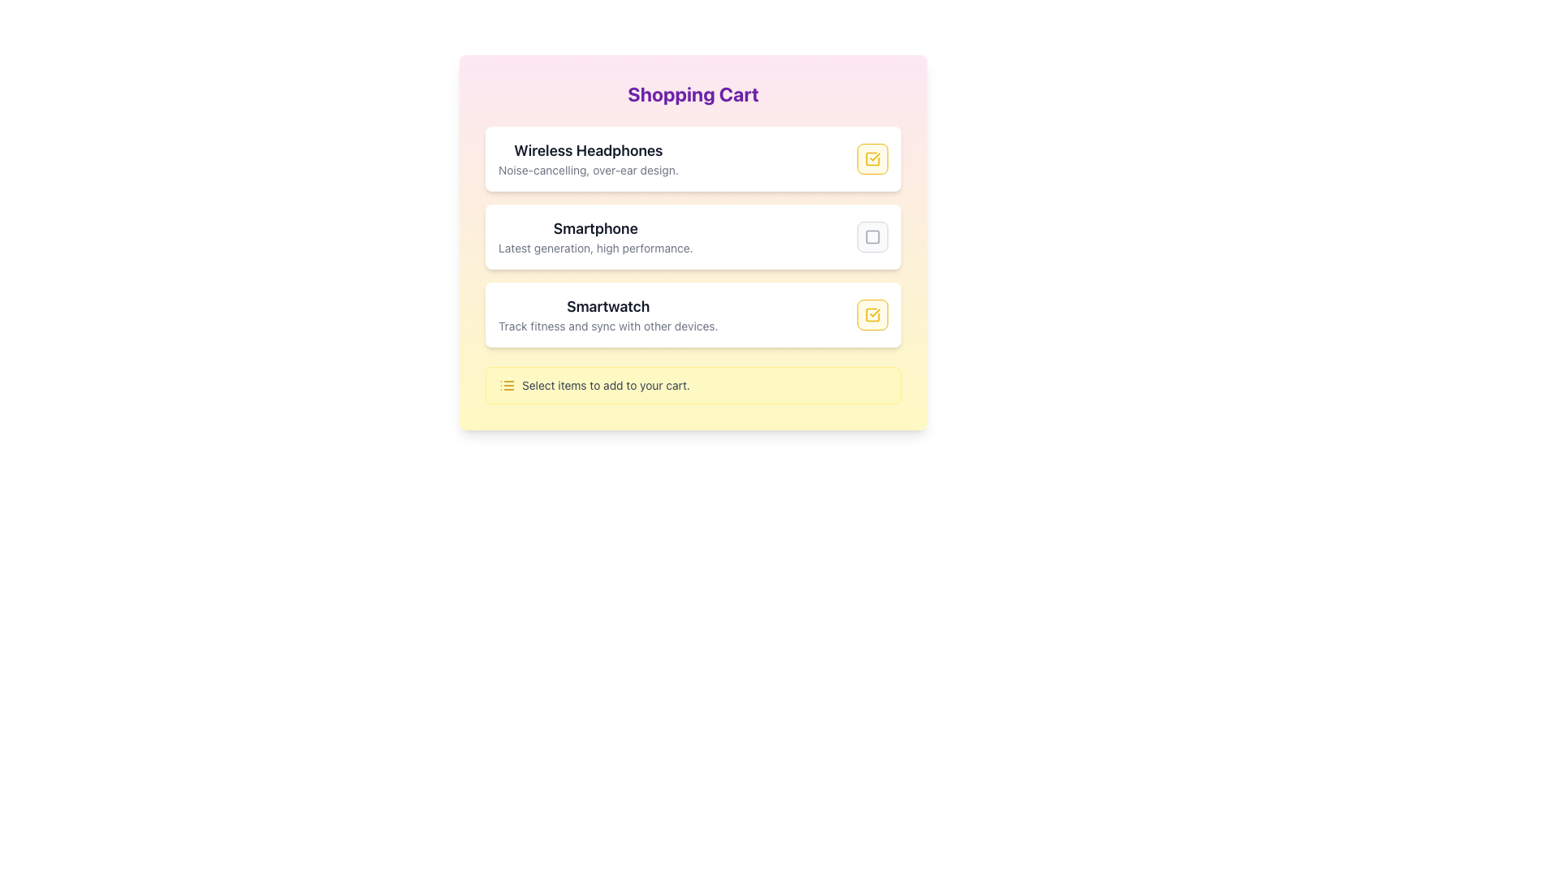  I want to click on the yellow notification box containing the message 'Select items to add to your cart.' located at the bottom of the 'Shopping Cart' section, so click(693, 385).